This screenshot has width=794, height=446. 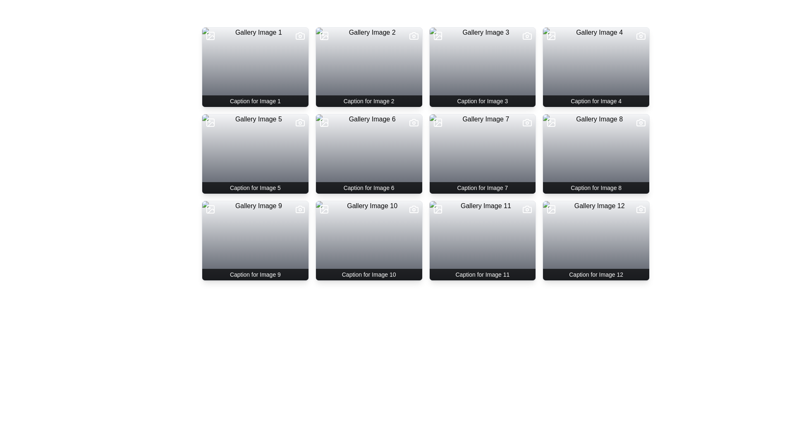 What do you see at coordinates (437, 123) in the screenshot?
I see `the decorative icon located at the top-left corner of the card labeled 'Caption for Image 7'` at bounding box center [437, 123].